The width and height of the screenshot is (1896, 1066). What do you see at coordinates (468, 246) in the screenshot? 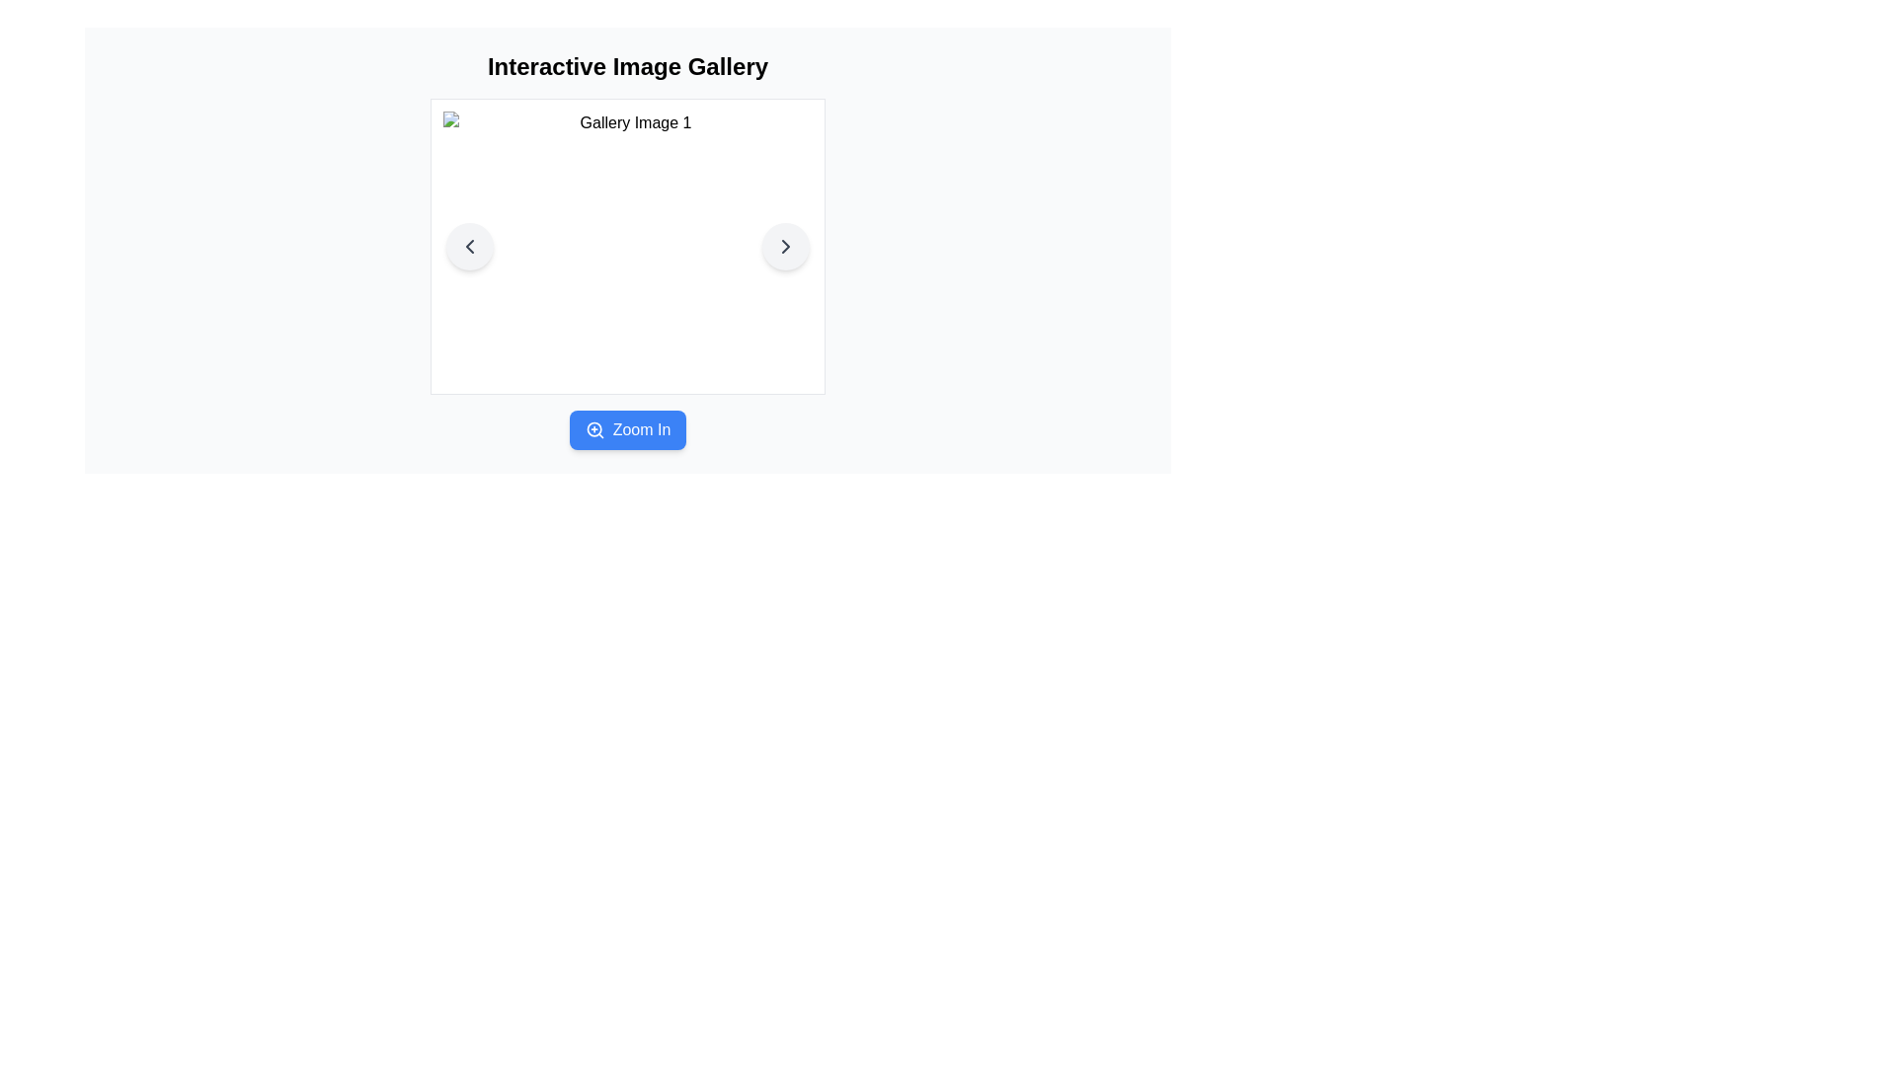
I see `the icon button located on the left side of the image gallery` at bounding box center [468, 246].